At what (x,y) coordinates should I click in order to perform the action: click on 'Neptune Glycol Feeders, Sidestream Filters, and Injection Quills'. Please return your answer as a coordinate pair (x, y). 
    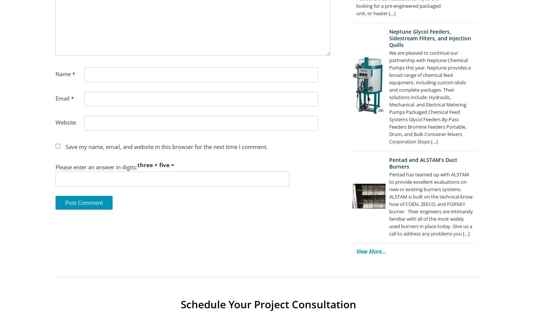
    Looking at the image, I should click on (429, 38).